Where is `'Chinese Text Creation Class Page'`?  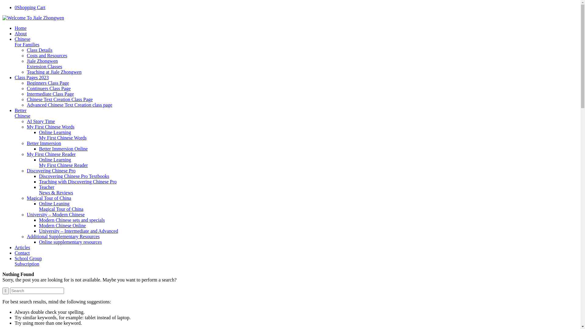 'Chinese Text Creation Class Page' is located at coordinates (60, 99).